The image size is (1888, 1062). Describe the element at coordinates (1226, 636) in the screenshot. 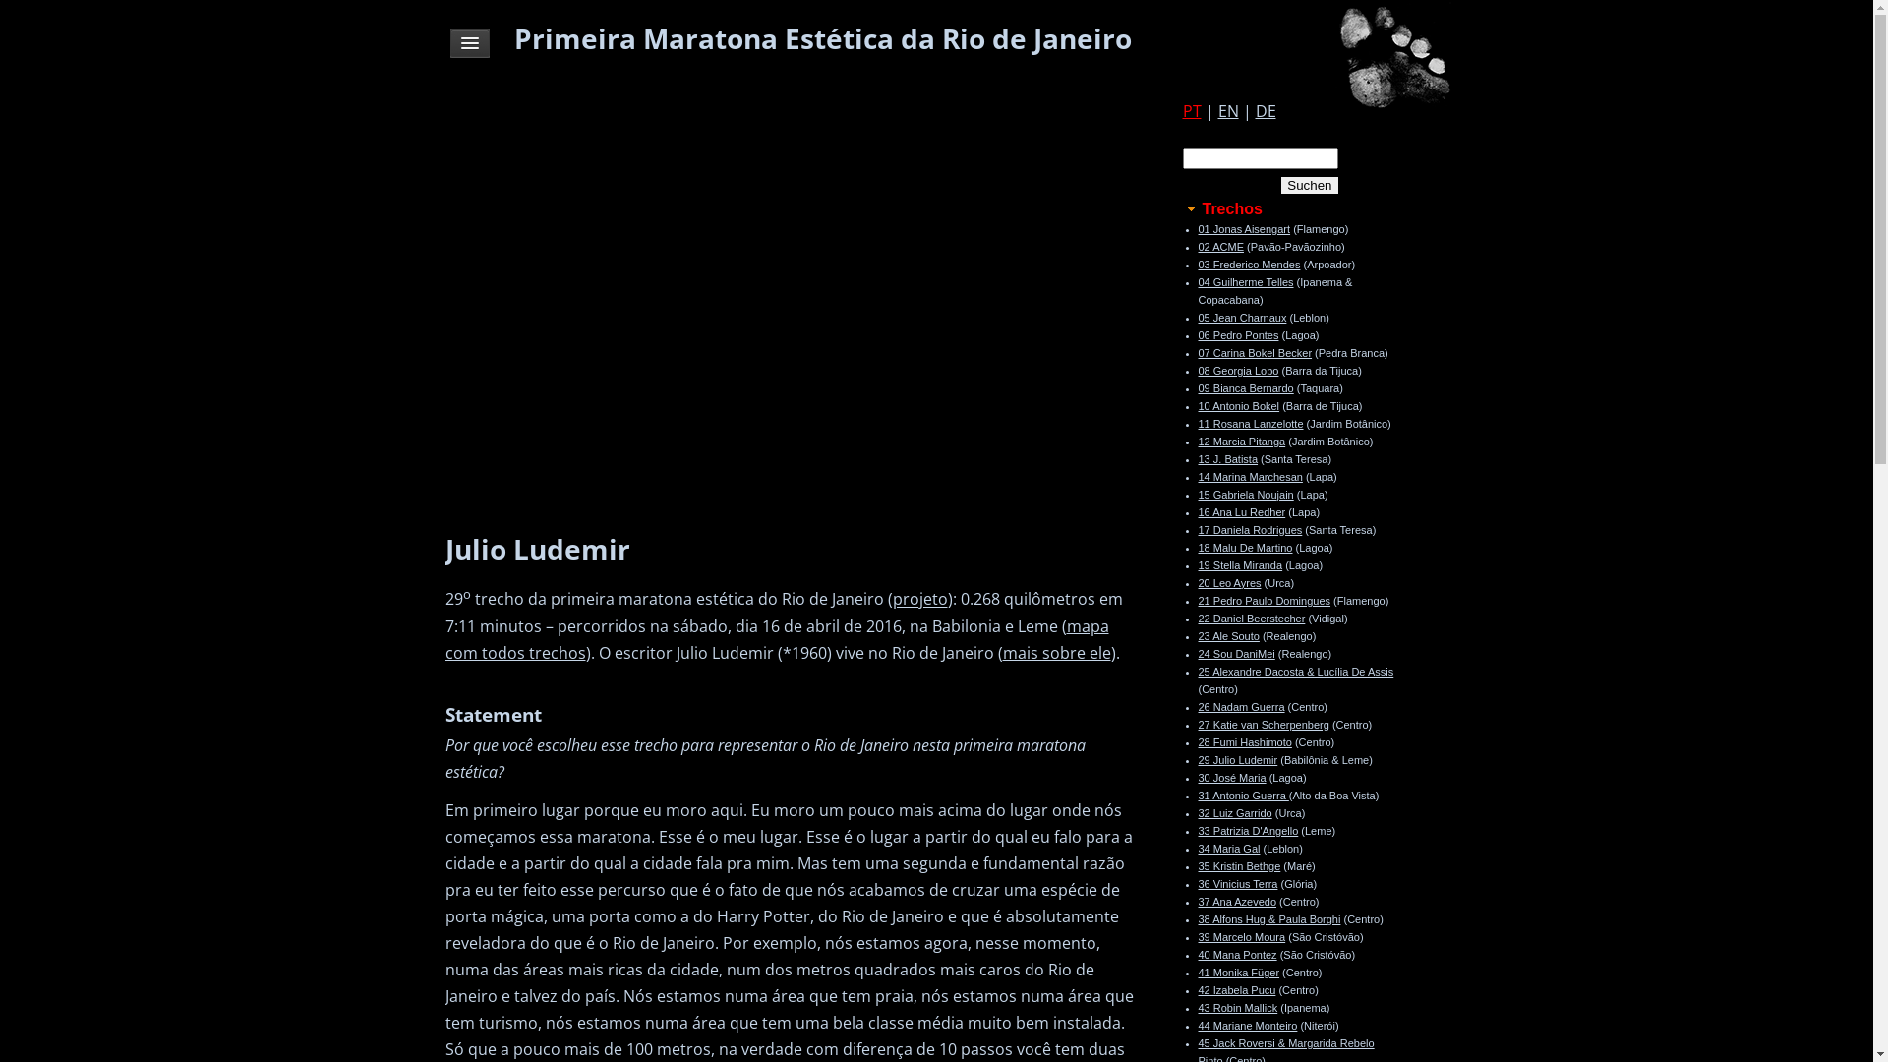

I see `'23 Ale Souto'` at that location.